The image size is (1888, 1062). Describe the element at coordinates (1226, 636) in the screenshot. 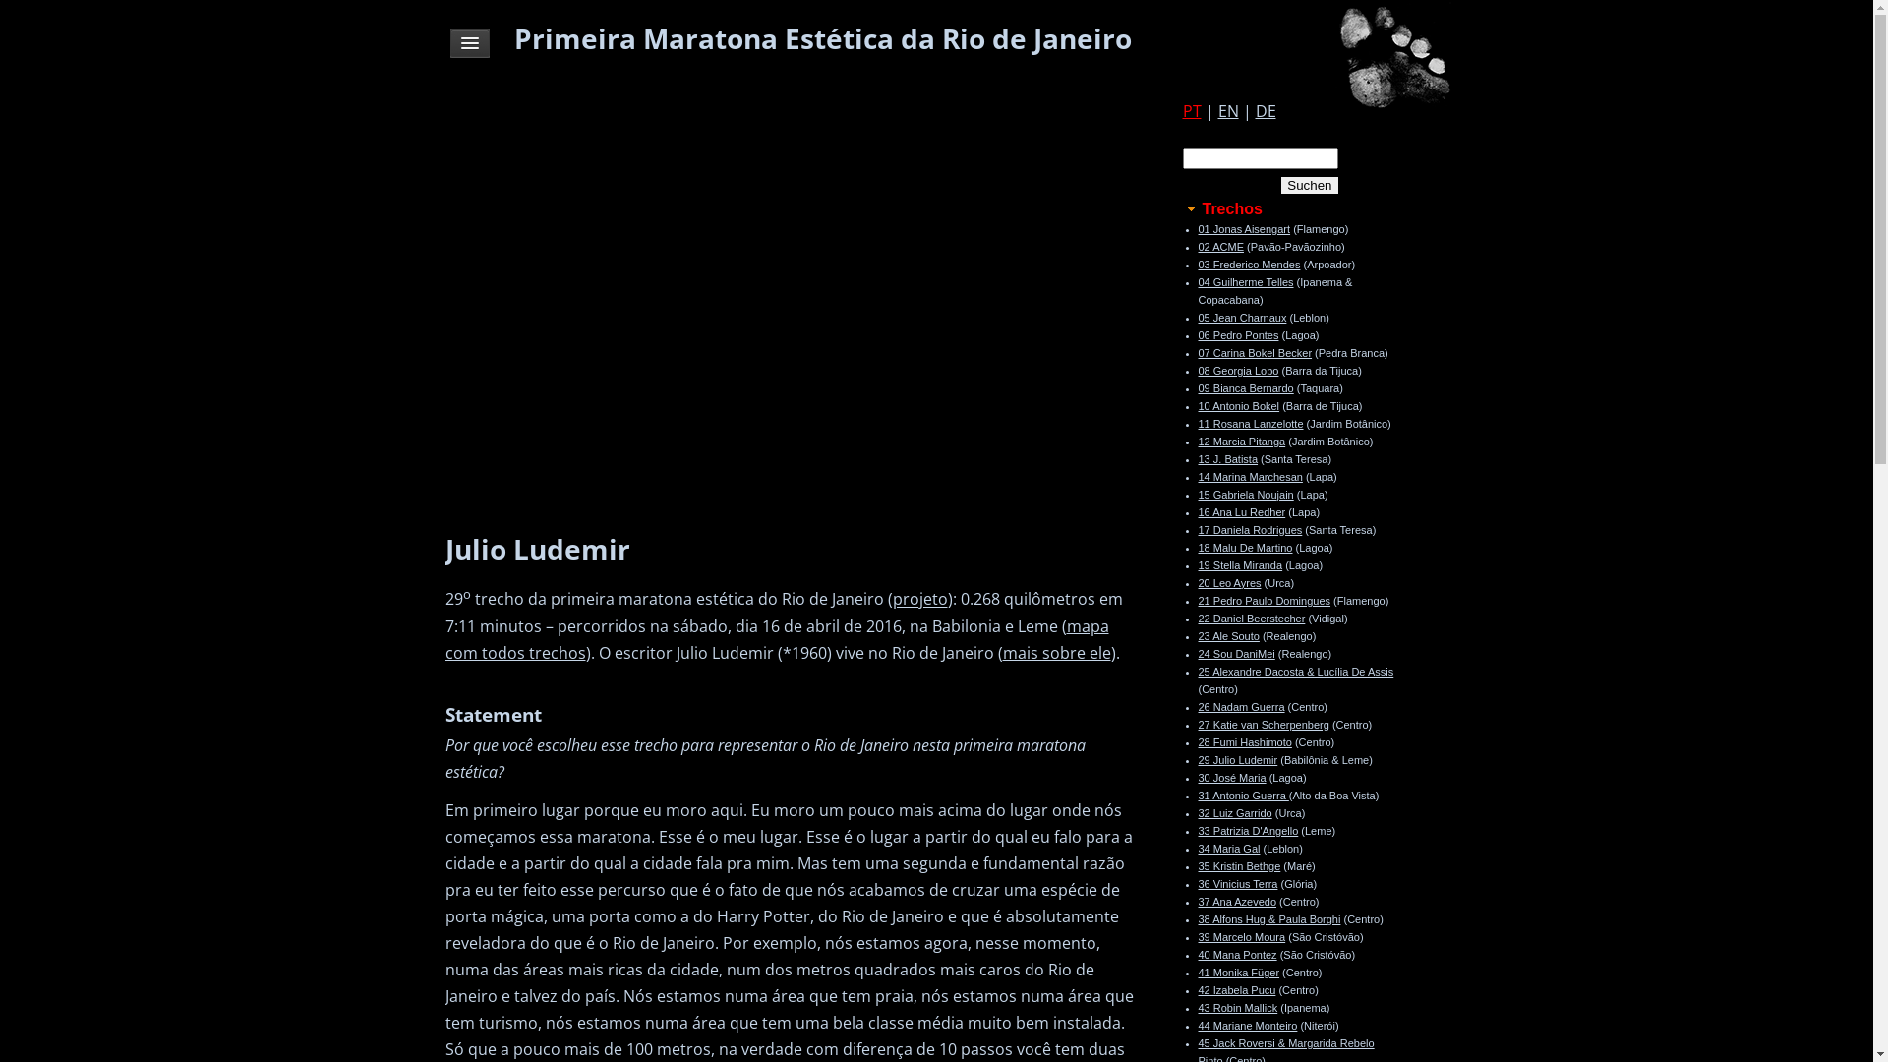

I see `'23 Ale Souto'` at that location.